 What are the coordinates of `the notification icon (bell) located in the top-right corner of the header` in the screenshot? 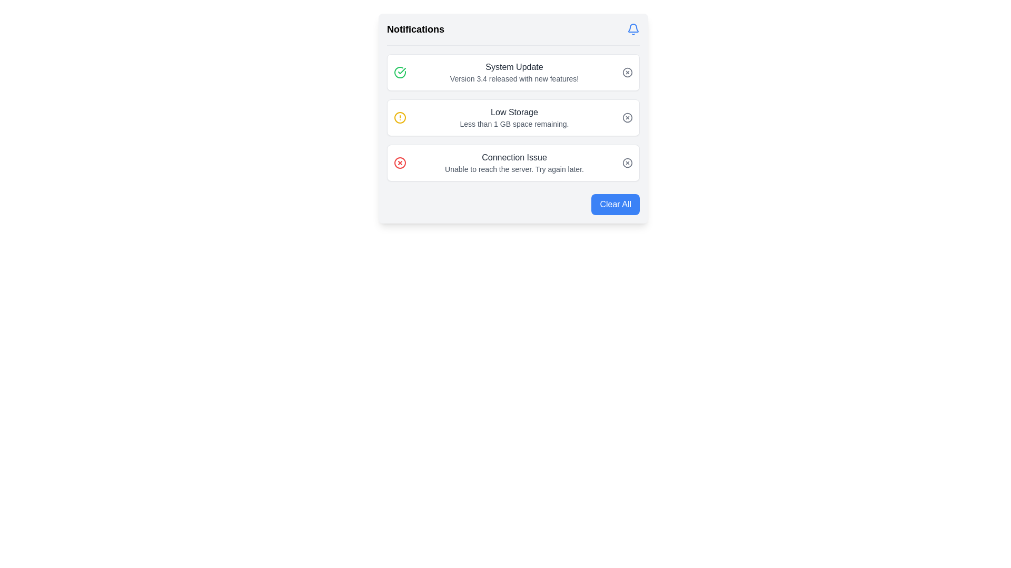 It's located at (633, 29).